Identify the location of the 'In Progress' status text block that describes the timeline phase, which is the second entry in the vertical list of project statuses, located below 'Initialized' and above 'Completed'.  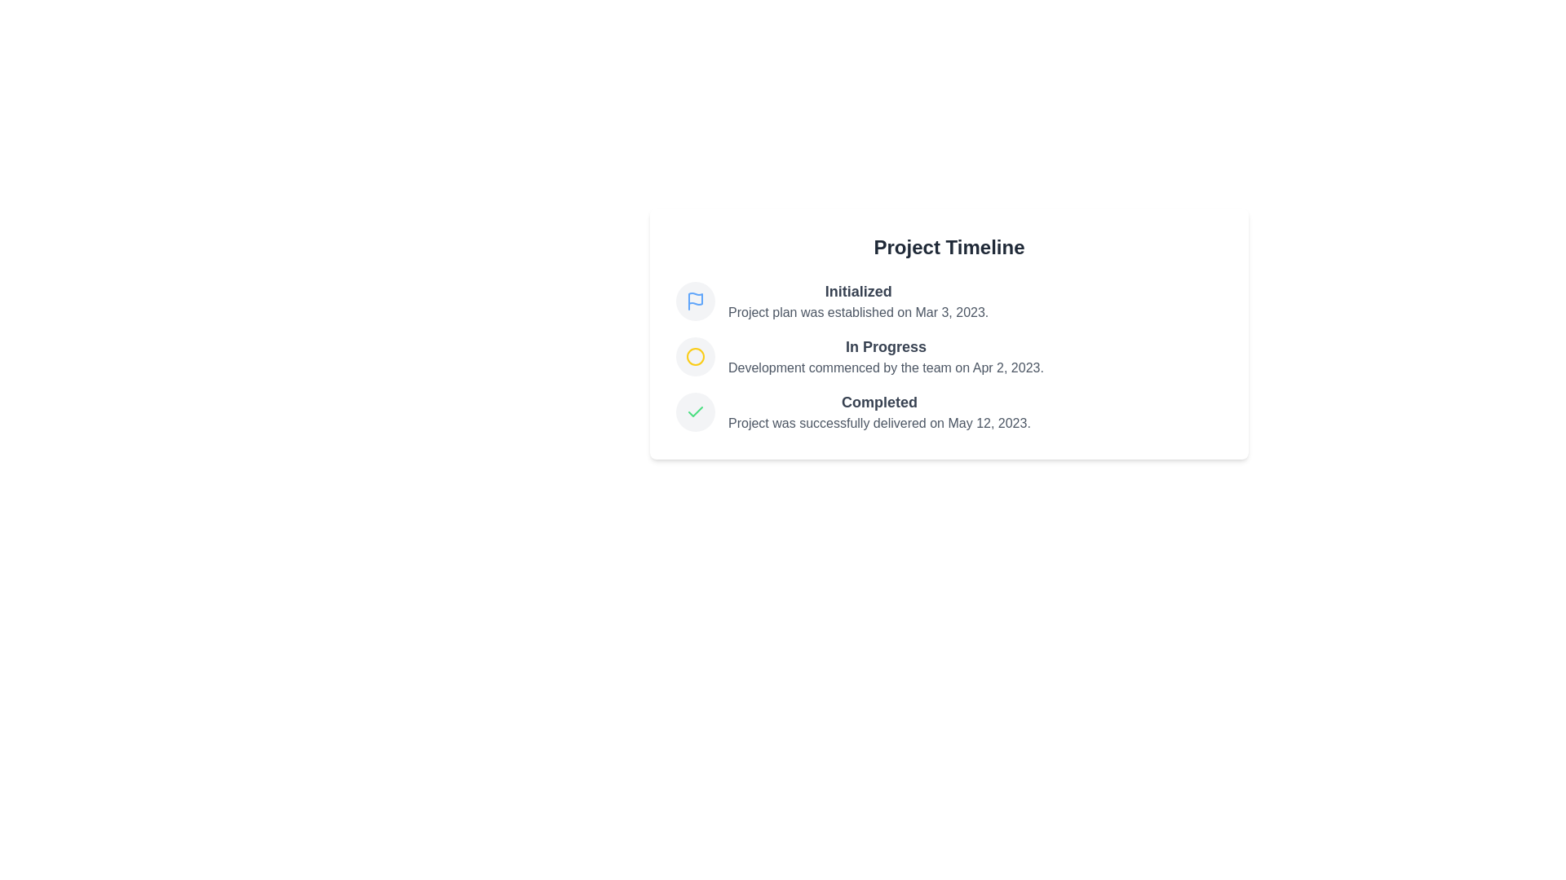
(885, 356).